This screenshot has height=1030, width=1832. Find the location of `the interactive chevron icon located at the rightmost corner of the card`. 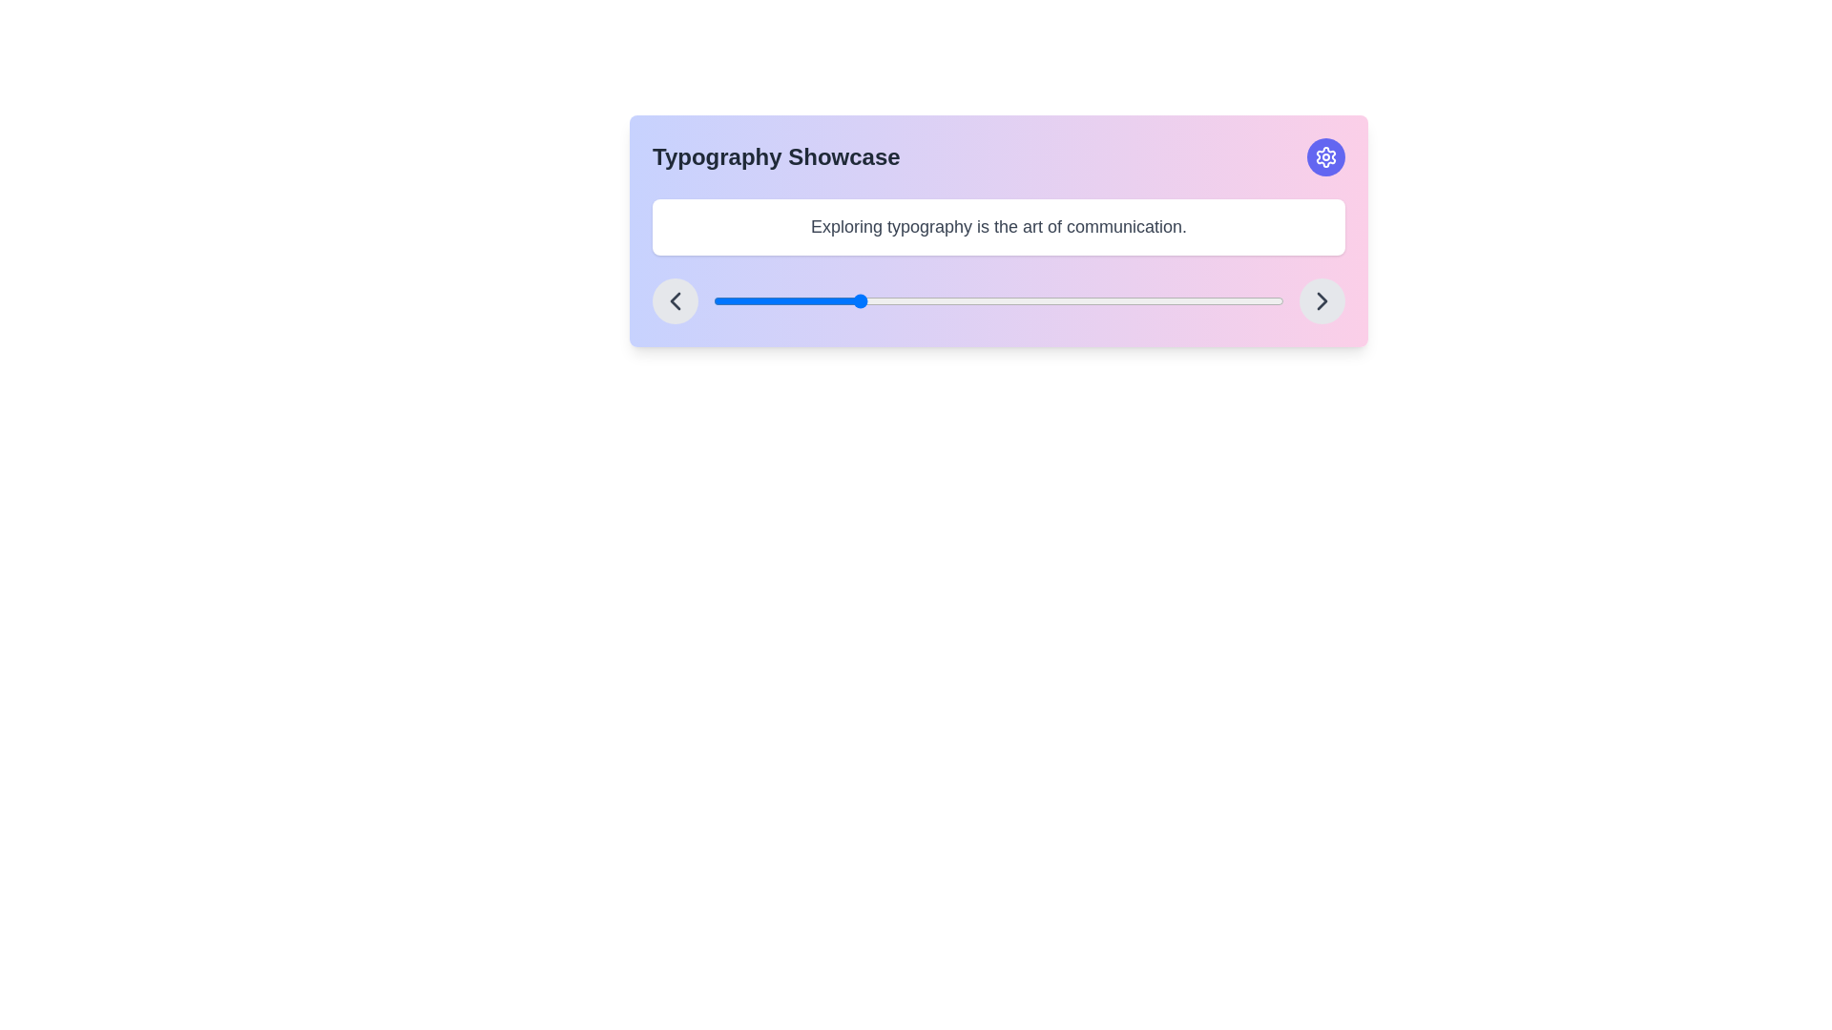

the interactive chevron icon located at the rightmost corner of the card is located at coordinates (1322, 300).